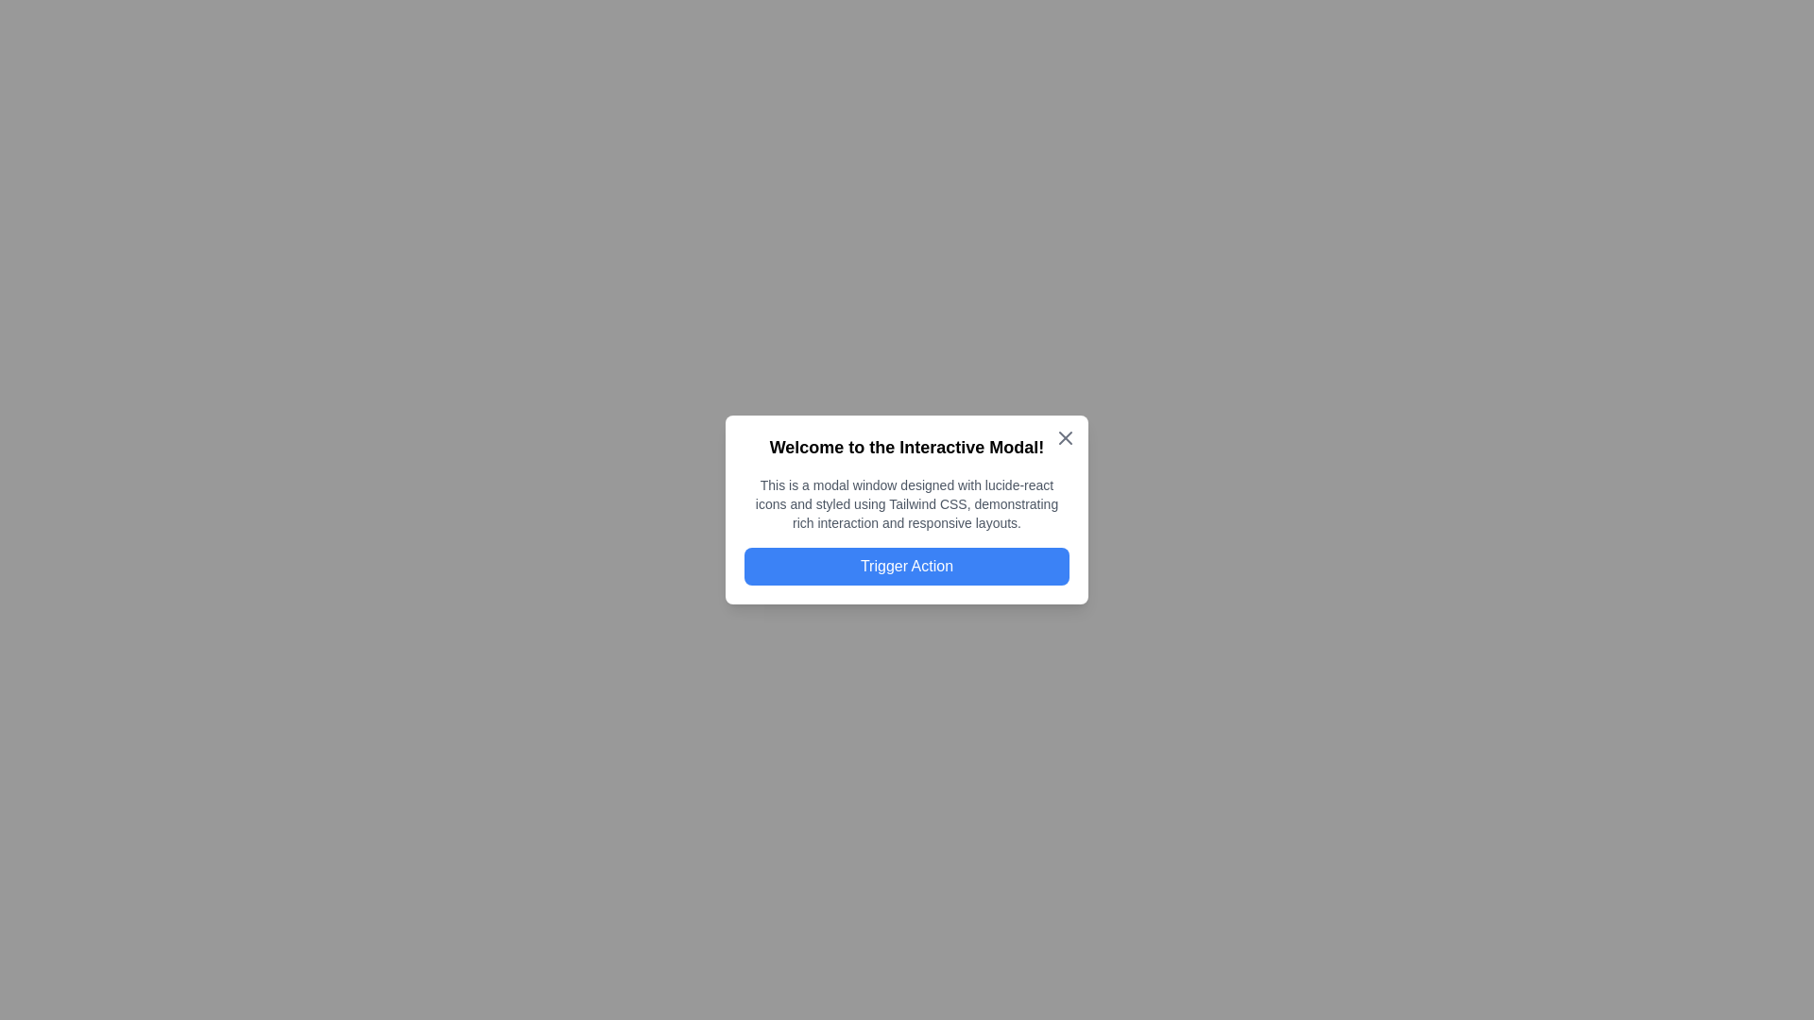 The image size is (1814, 1020). Describe the element at coordinates (1066, 437) in the screenshot. I see `the Close button ('X' icon) located at the top-right corner of the modal dialog` at that location.